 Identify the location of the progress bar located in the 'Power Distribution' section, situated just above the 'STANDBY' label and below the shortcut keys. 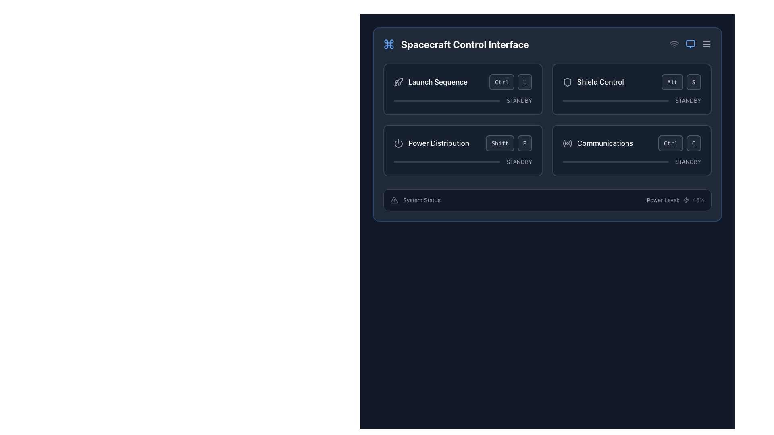
(446, 162).